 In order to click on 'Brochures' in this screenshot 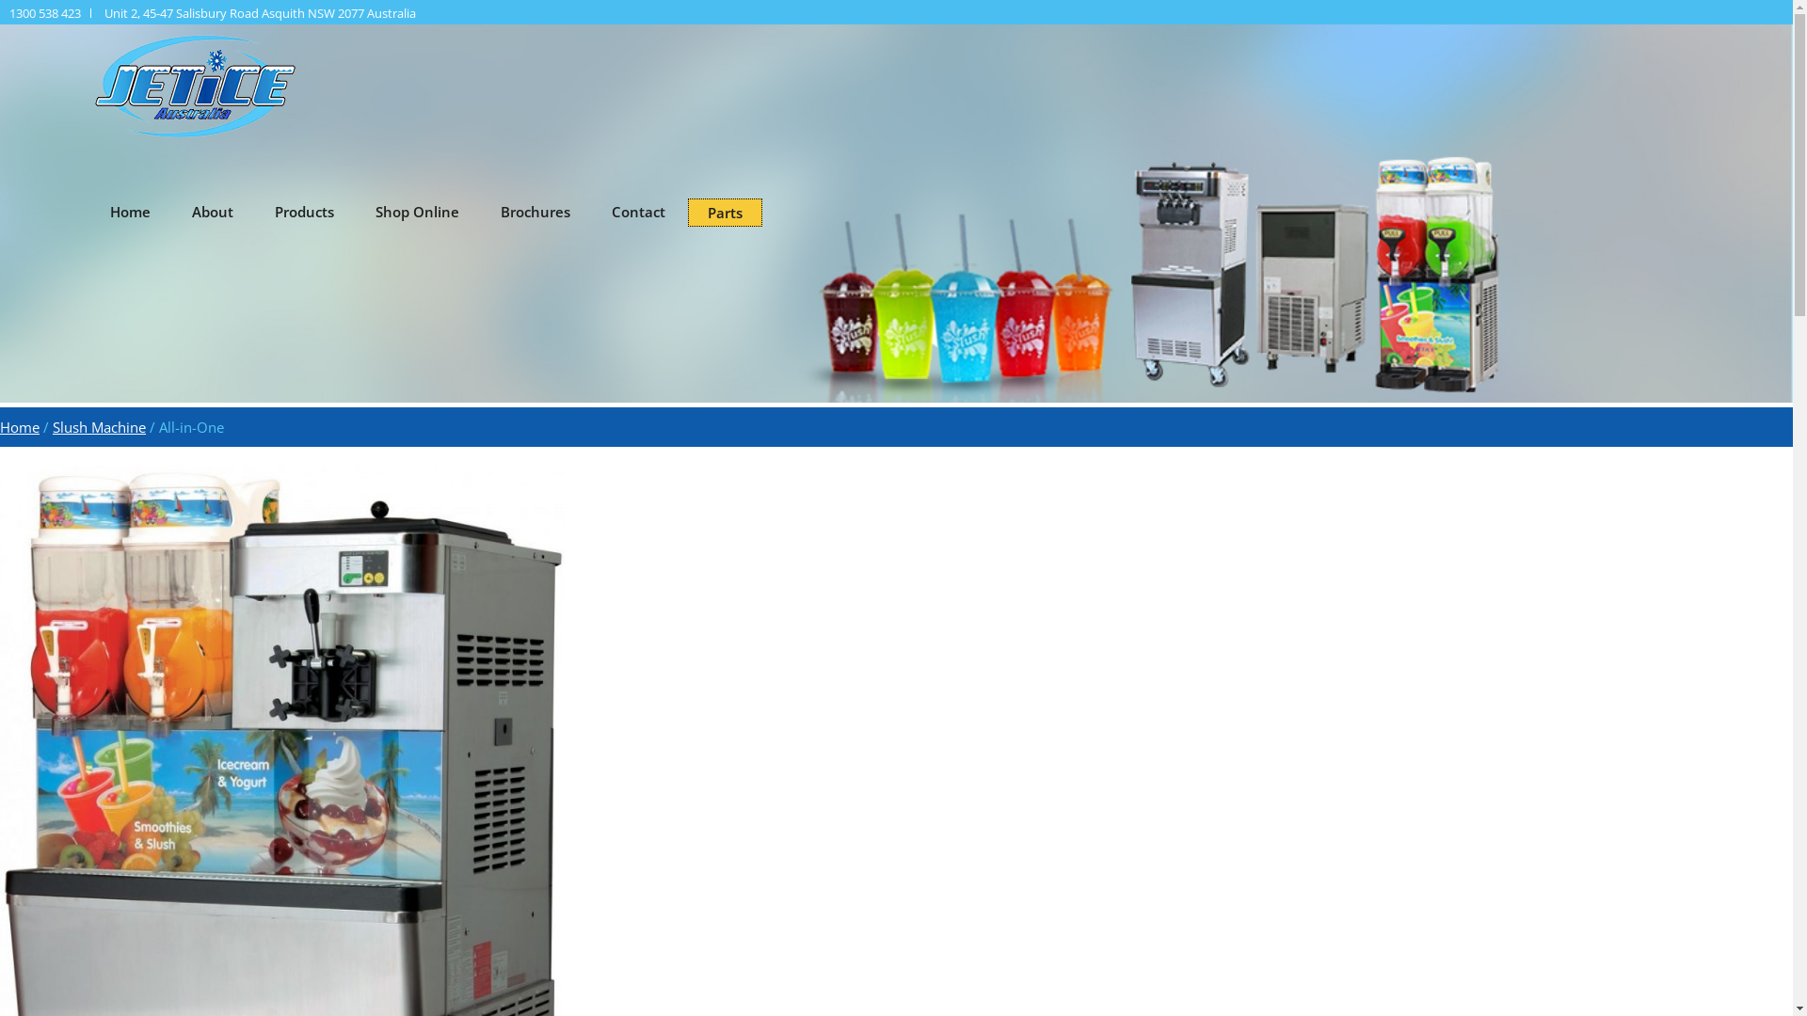, I will do `click(535, 211)`.